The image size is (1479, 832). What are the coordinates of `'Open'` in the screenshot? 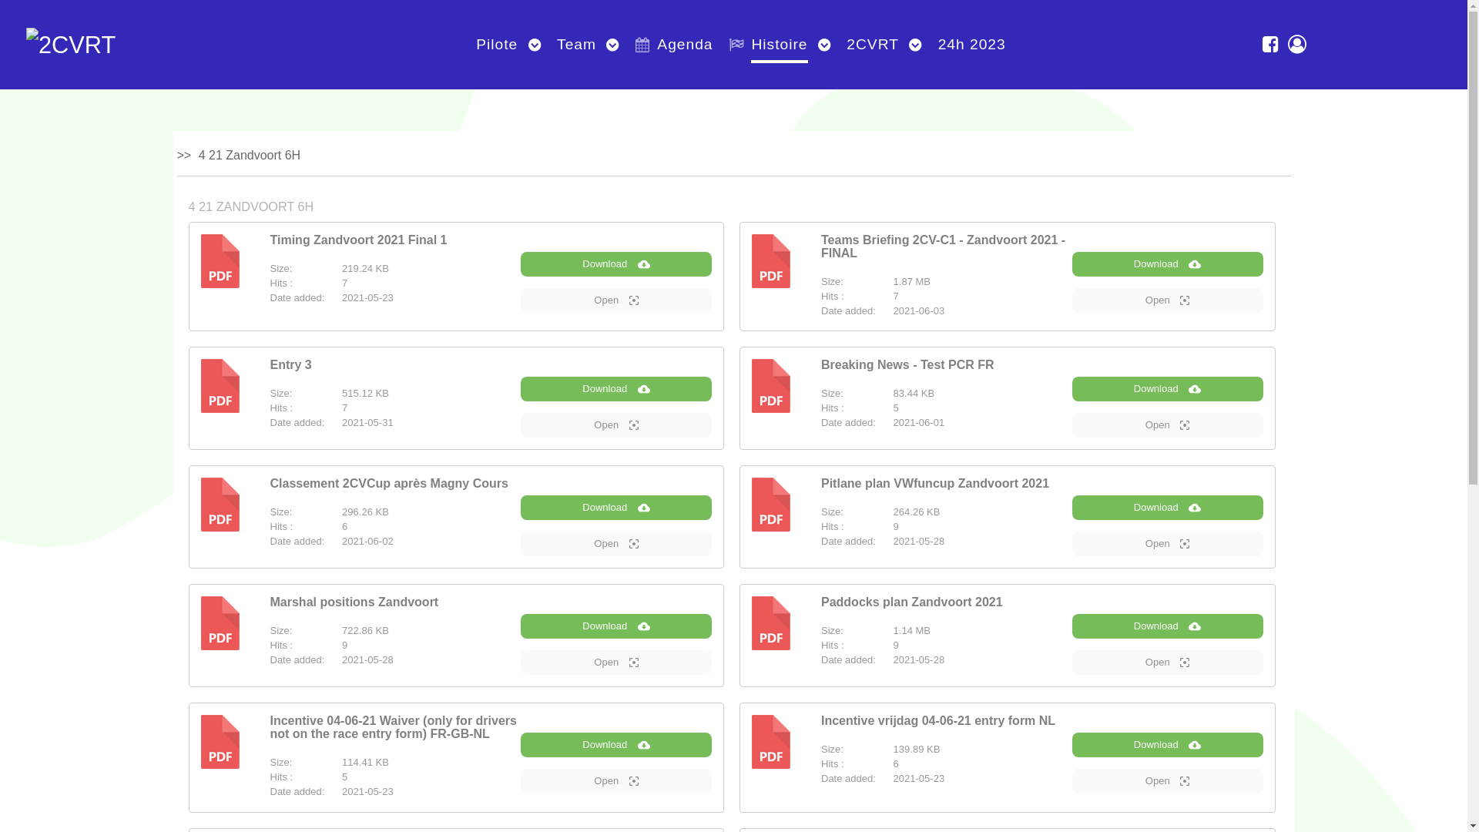 It's located at (616, 424).